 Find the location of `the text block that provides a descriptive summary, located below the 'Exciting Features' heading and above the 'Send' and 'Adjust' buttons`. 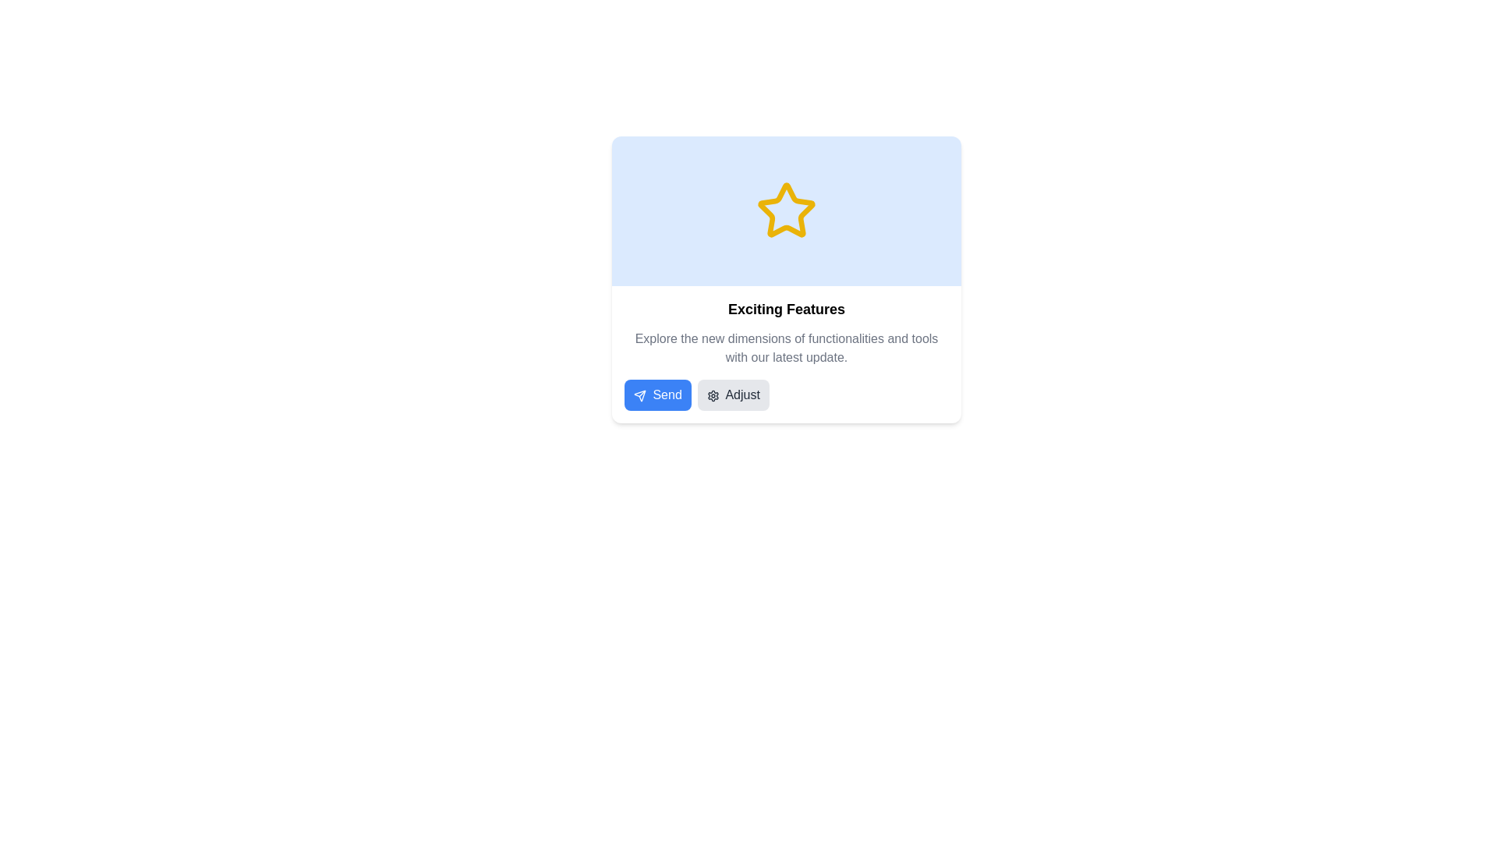

the text block that provides a descriptive summary, located below the 'Exciting Features' heading and above the 'Send' and 'Adjust' buttons is located at coordinates (786, 348).